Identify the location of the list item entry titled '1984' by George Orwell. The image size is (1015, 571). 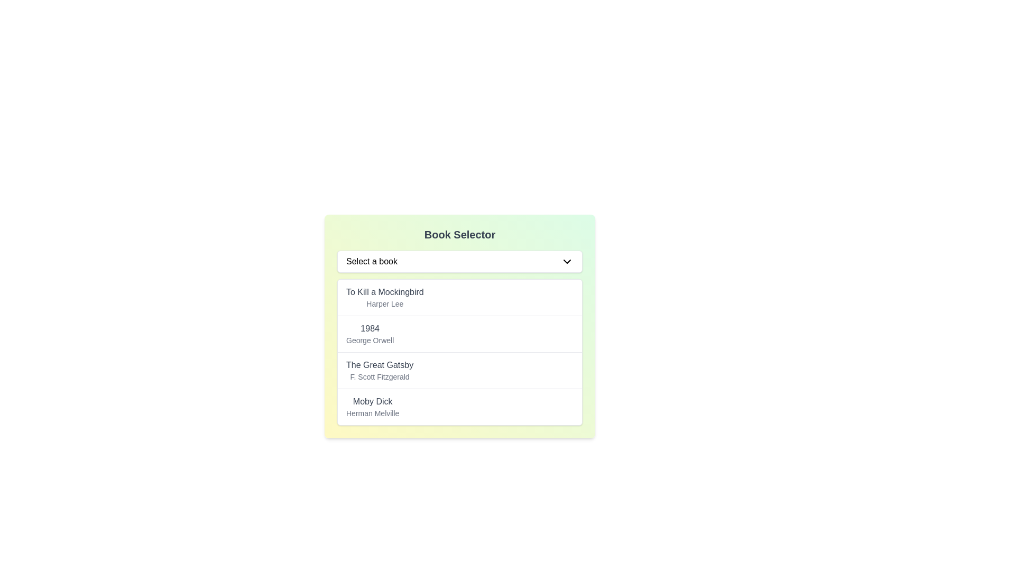
(370, 334).